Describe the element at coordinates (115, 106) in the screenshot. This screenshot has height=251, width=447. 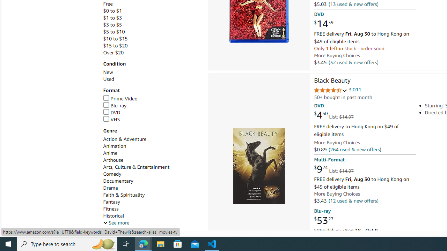
I see `'Blu-ray'` at that location.